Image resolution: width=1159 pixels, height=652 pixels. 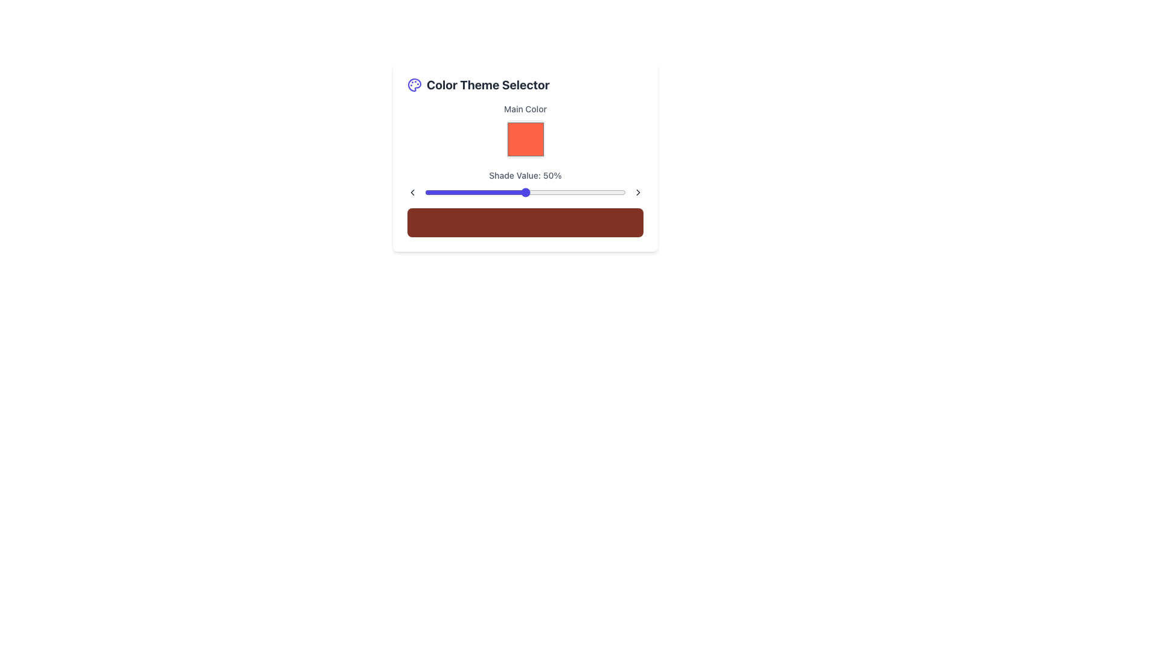 What do you see at coordinates (608, 192) in the screenshot?
I see `the shade value` at bounding box center [608, 192].